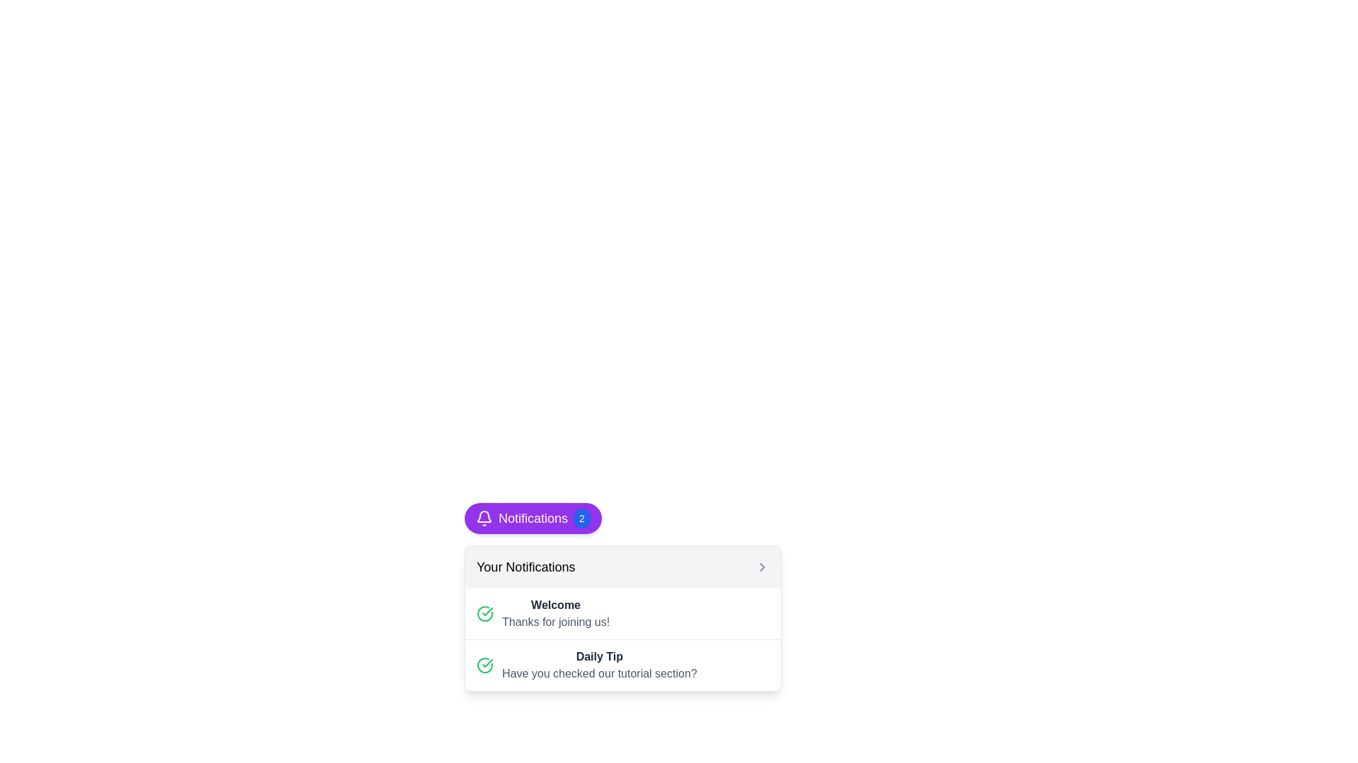 The width and height of the screenshot is (1358, 763). I want to click on the 'Your Notifications' text label, which is prominently displayed in bold font at the top-left section of the notifications header area, so click(525, 566).